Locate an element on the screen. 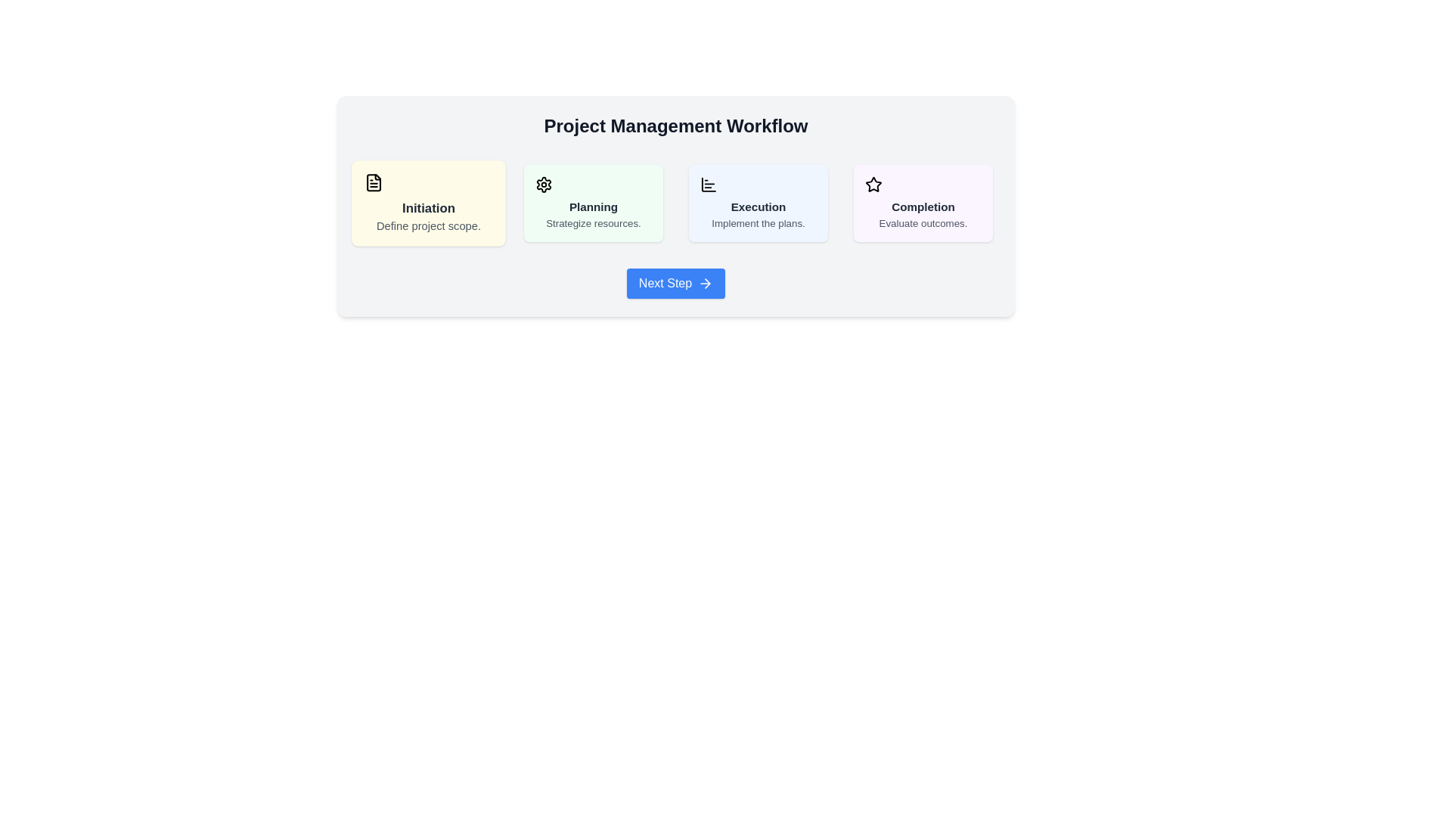 The image size is (1452, 817). the 'Initiation' icon located in the top left area of the 'Initiation' card is located at coordinates (374, 182).